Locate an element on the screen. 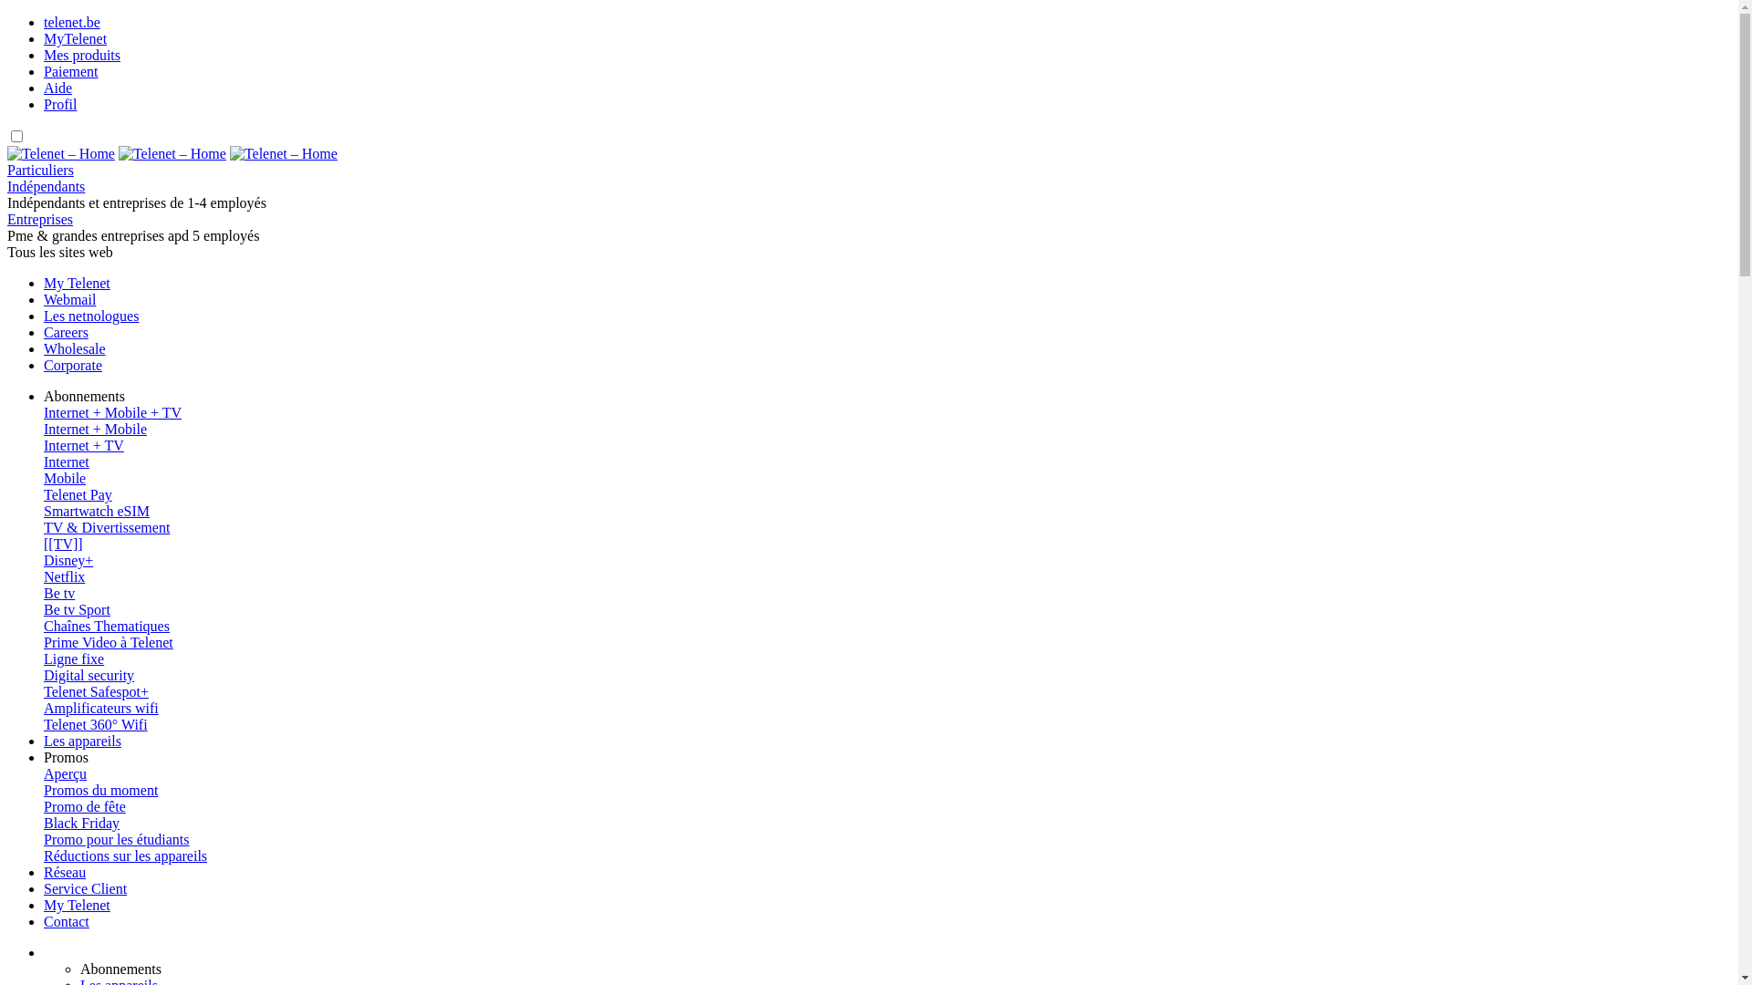  'Promos du moment' is located at coordinates (99, 789).